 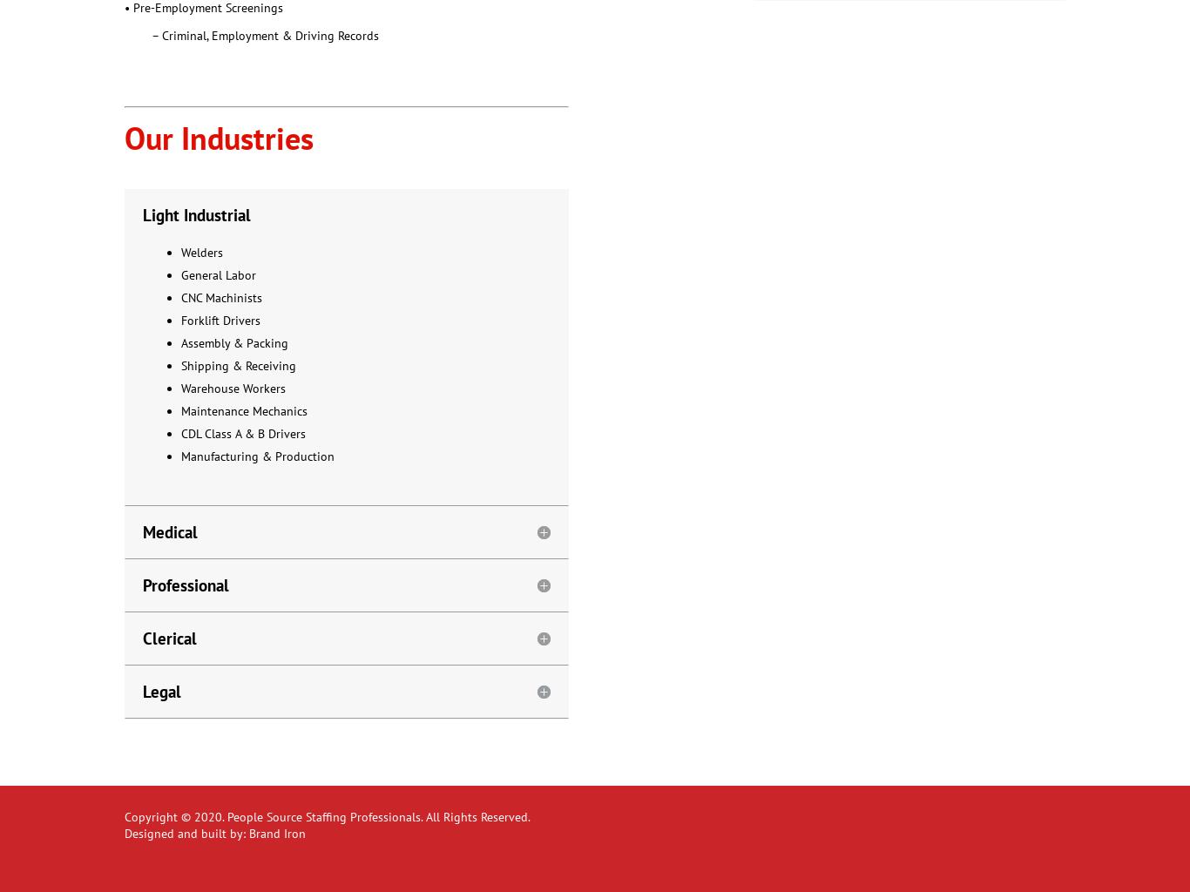 What do you see at coordinates (234, 341) in the screenshot?
I see `'Assembly & Packing'` at bounding box center [234, 341].